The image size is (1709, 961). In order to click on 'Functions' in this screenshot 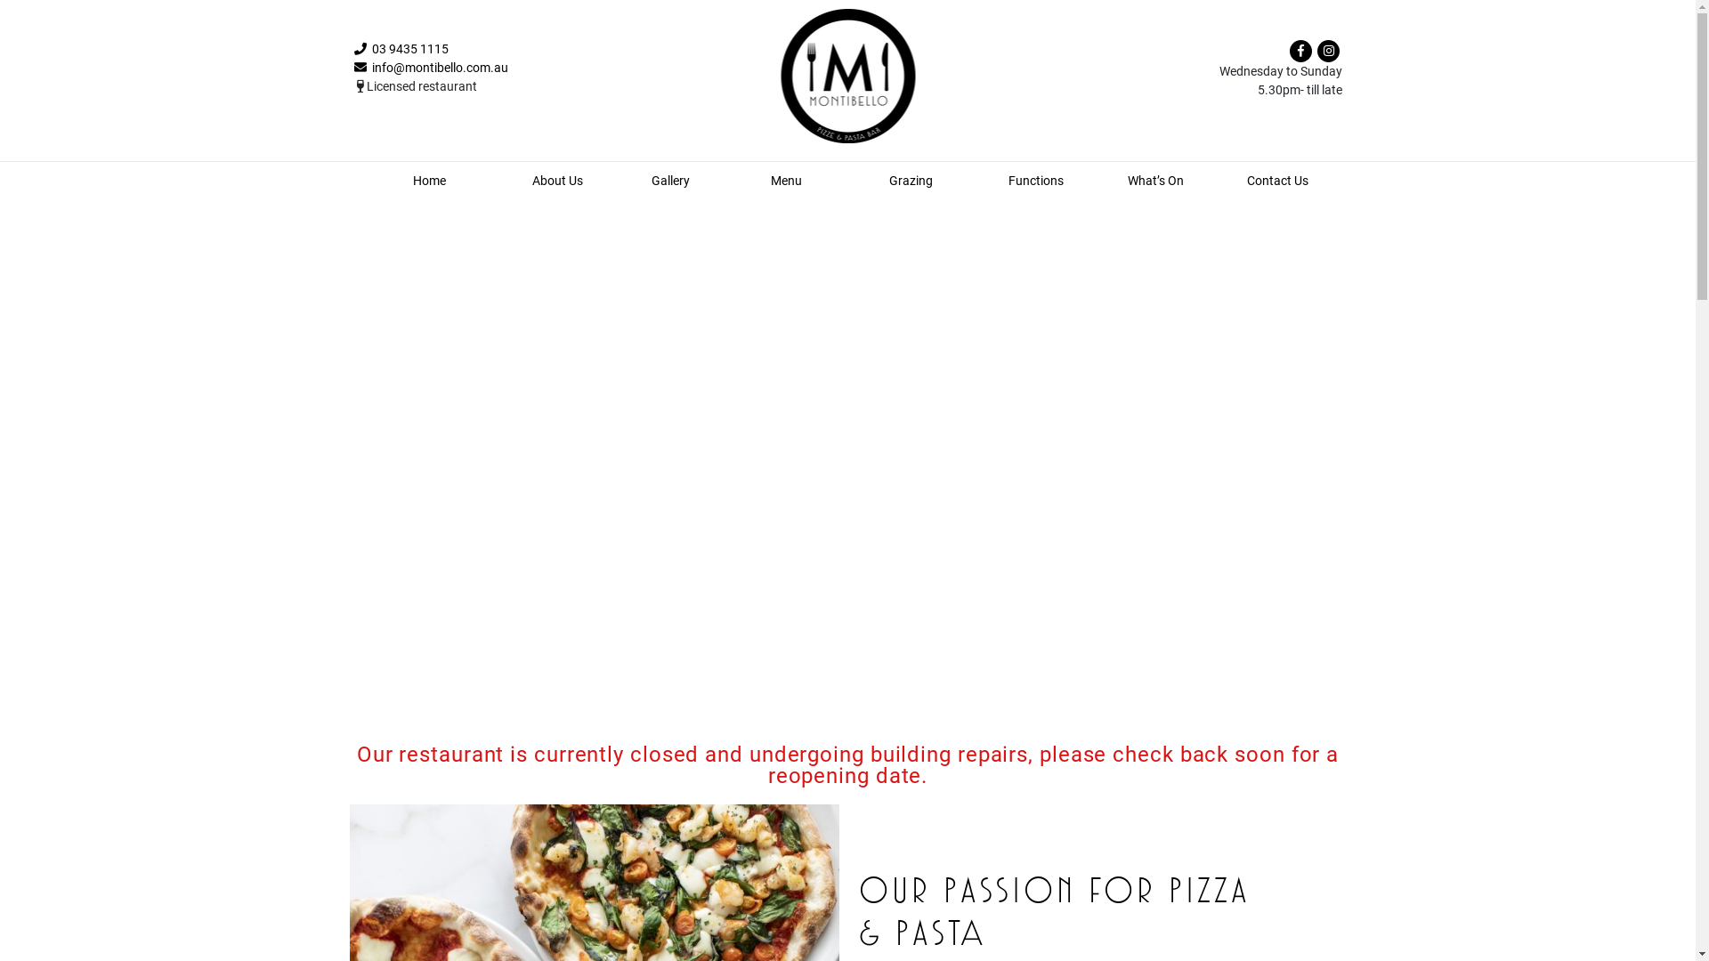, I will do `click(1008, 181)`.